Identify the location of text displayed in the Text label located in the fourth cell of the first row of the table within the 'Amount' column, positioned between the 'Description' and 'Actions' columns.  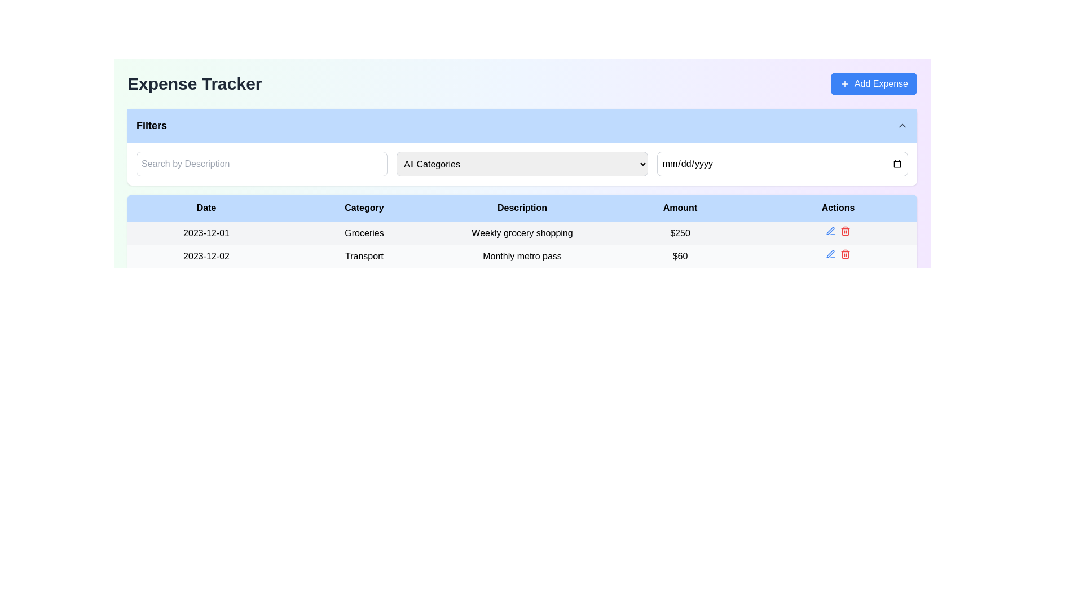
(679, 232).